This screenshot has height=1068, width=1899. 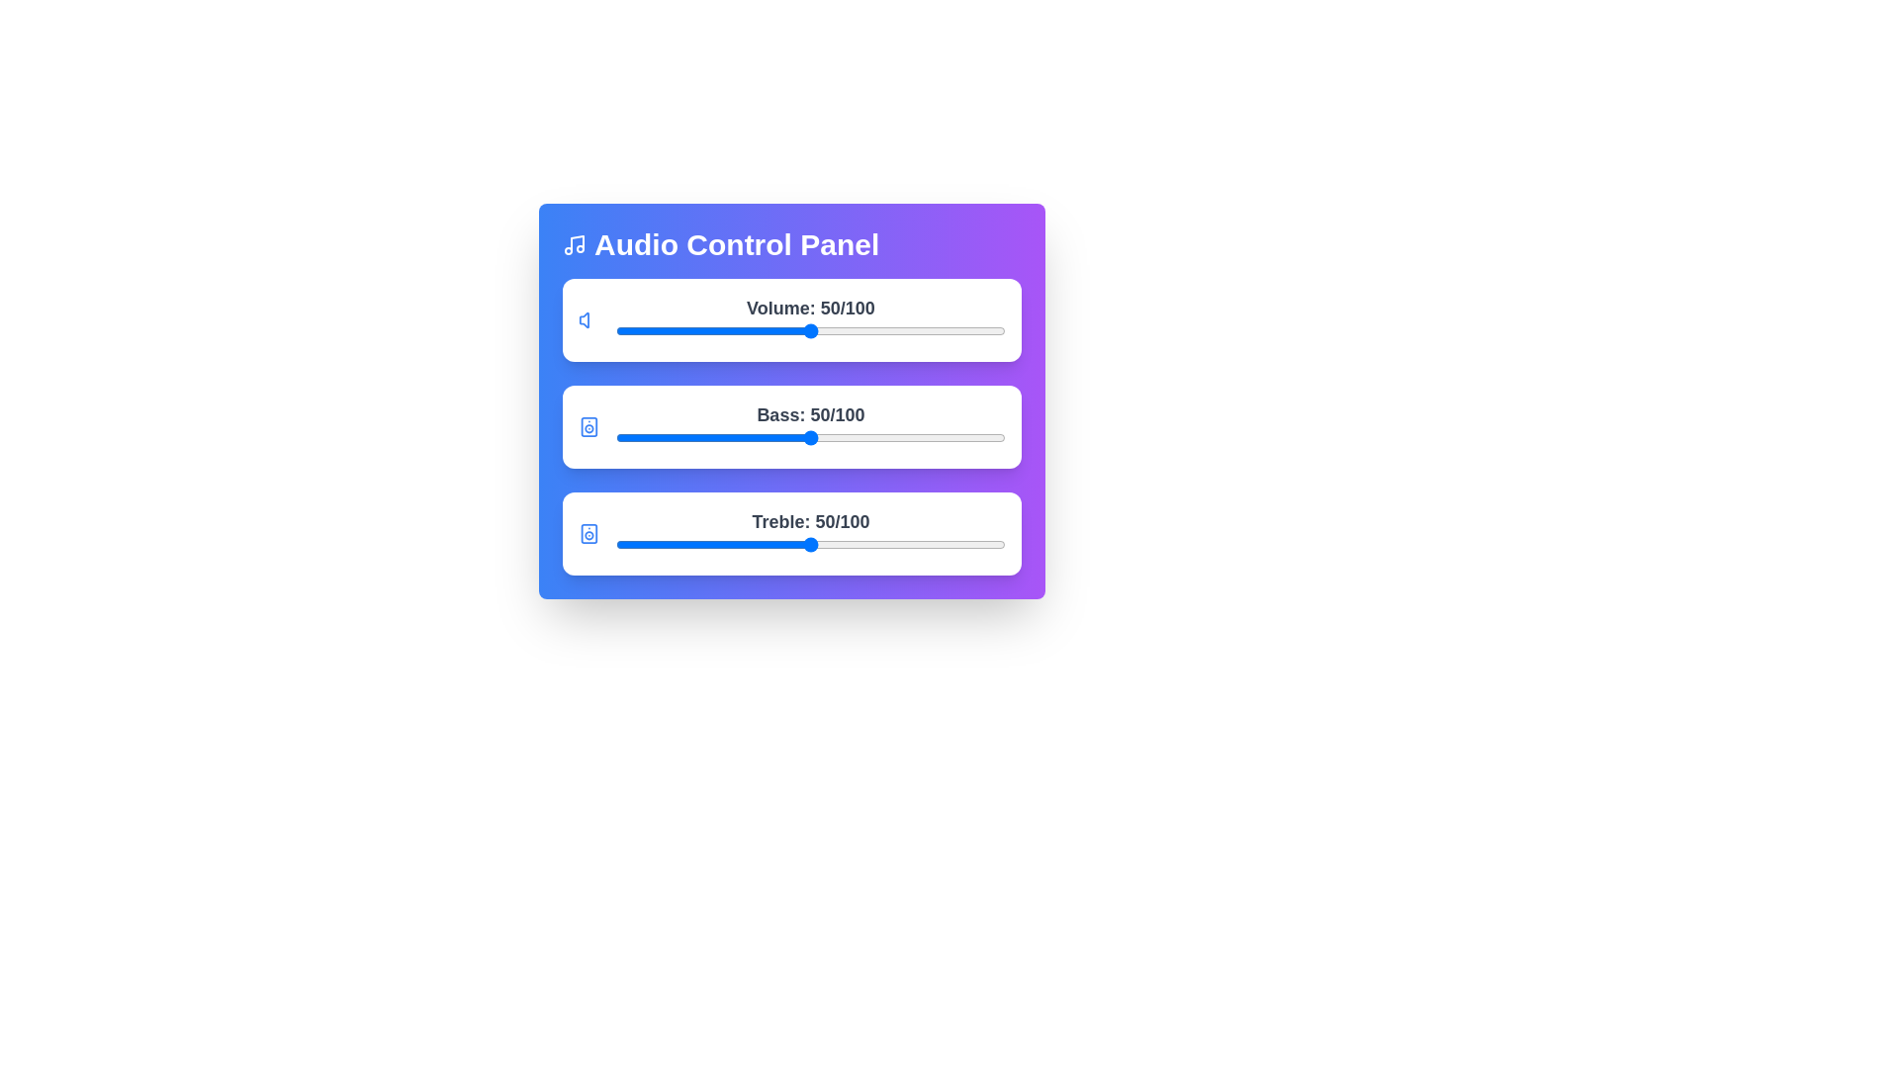 I want to click on the treble slider to 81 value, so click(x=931, y=545).